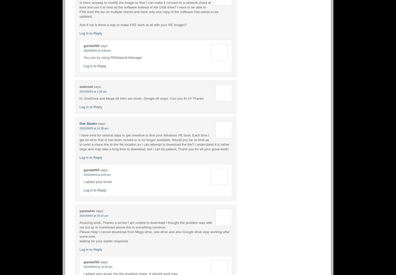 Image resolution: width=396 pixels, height=275 pixels. What do you see at coordinates (98, 266) in the screenshot?
I see `'2016/09/03 at 10:25 pm'` at bounding box center [98, 266].